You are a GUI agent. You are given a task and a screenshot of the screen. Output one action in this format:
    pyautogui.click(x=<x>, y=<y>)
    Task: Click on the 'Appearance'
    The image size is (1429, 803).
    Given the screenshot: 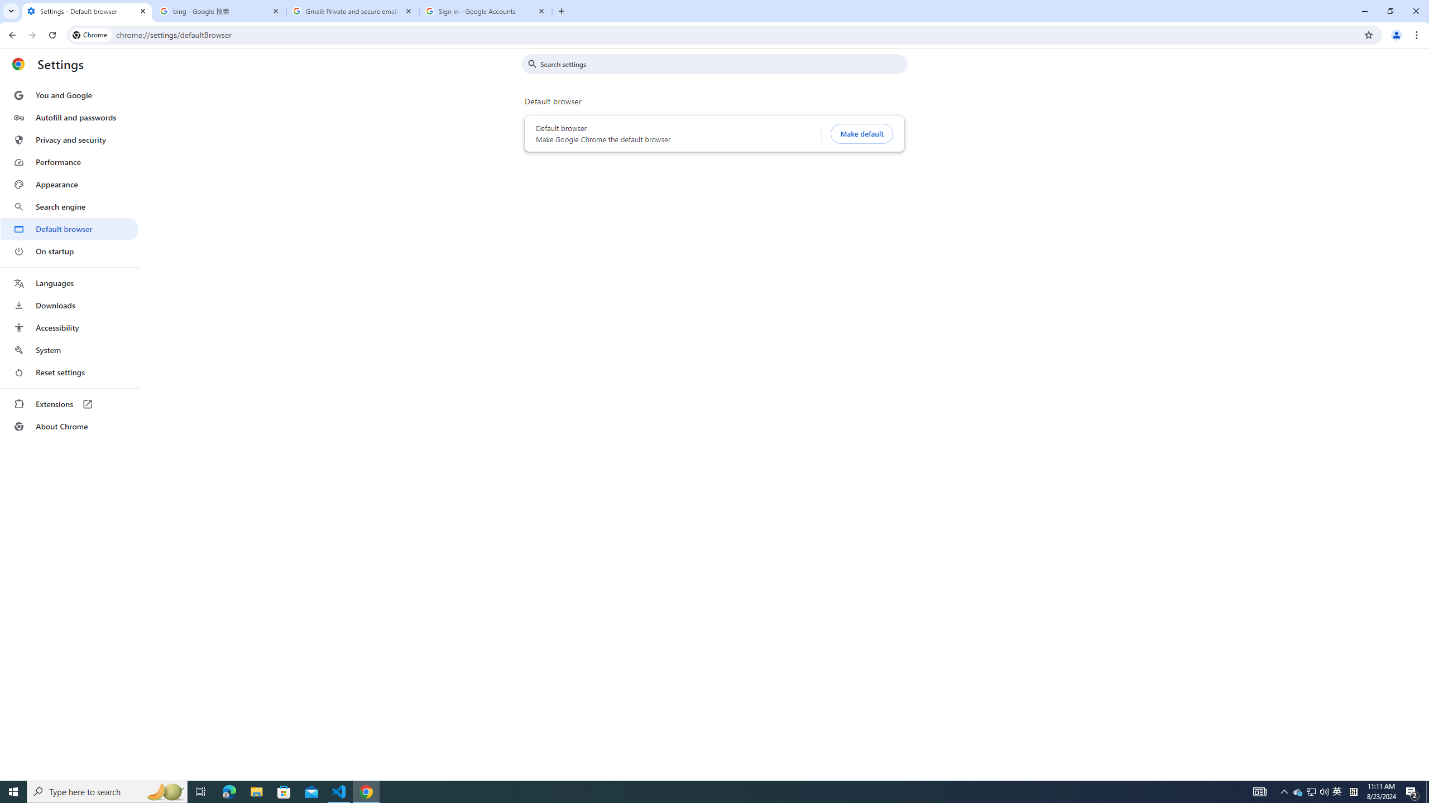 What is the action you would take?
    pyautogui.click(x=69, y=184)
    